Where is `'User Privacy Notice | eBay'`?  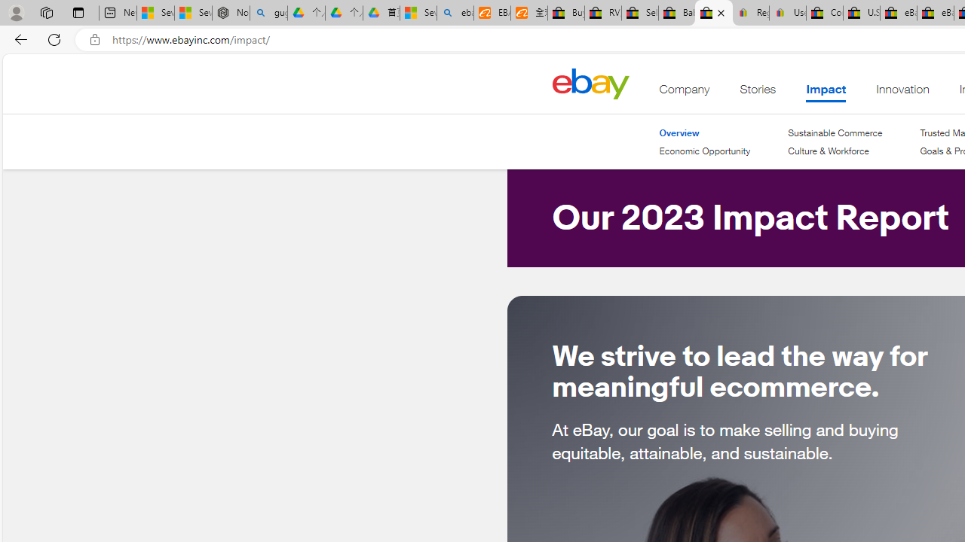
'User Privacy Notice | eBay' is located at coordinates (787, 13).